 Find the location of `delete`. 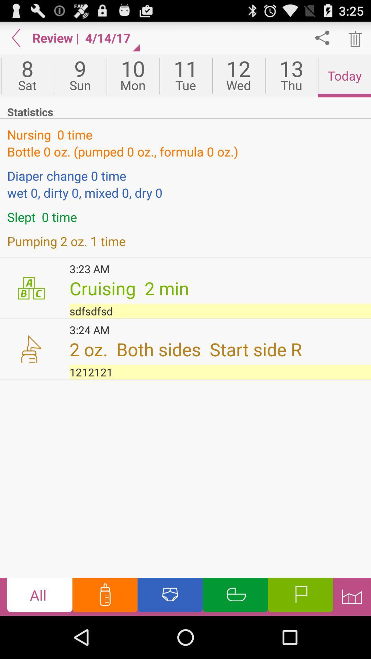

delete is located at coordinates (355, 37).